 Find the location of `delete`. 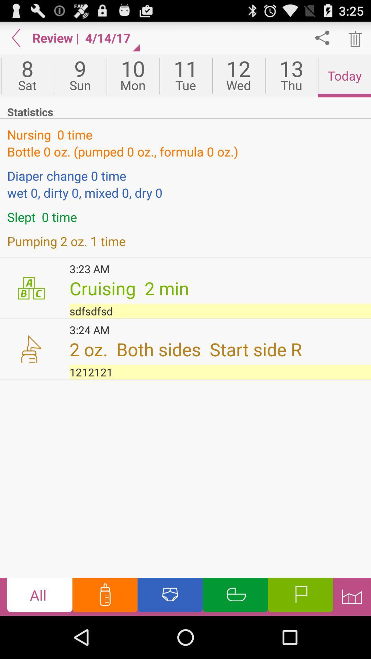

delete is located at coordinates (355, 37).